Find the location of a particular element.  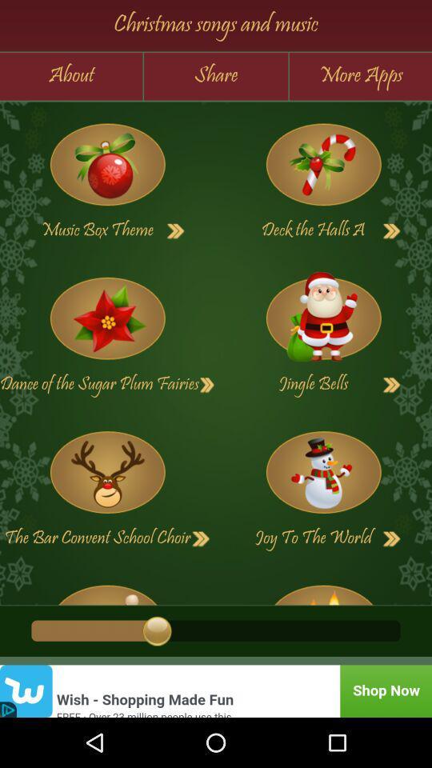

advertisement banner is located at coordinates (216, 690).